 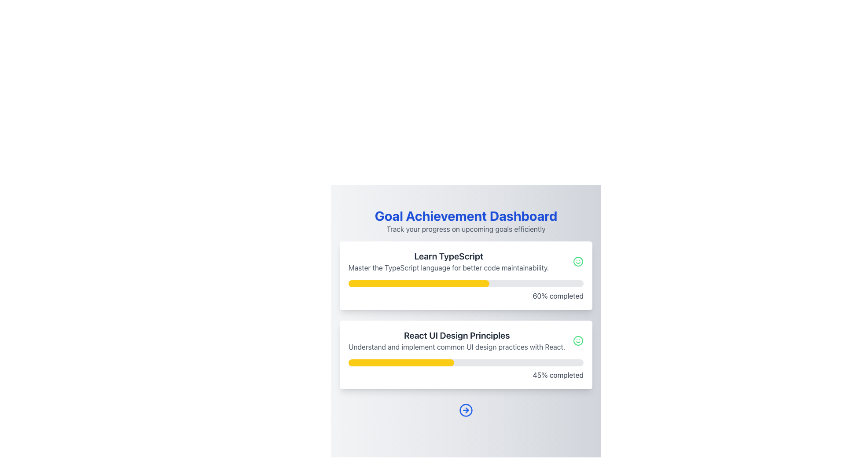 What do you see at coordinates (401, 363) in the screenshot?
I see `the progress bar indicator displaying 45% completion for 'React UI Design Principles' in the 'Goal Achievement Dashboard' interface` at bounding box center [401, 363].